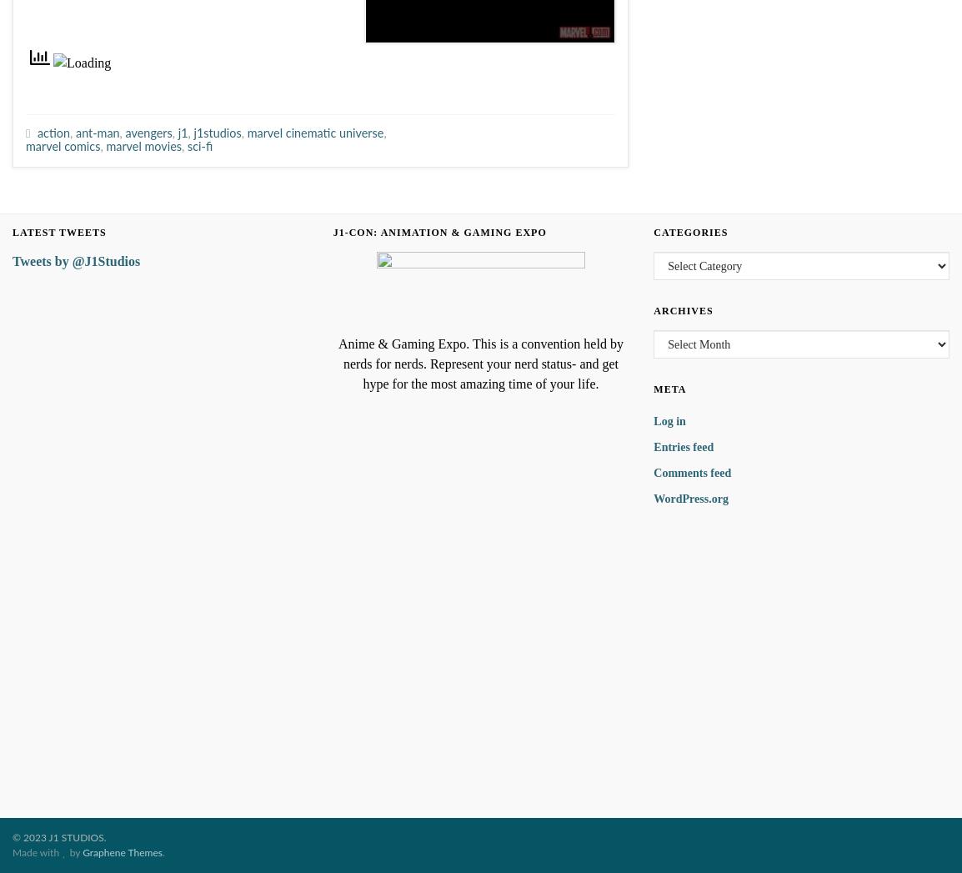 Image resolution: width=962 pixels, height=873 pixels. Describe the element at coordinates (73, 853) in the screenshot. I see `'by'` at that location.